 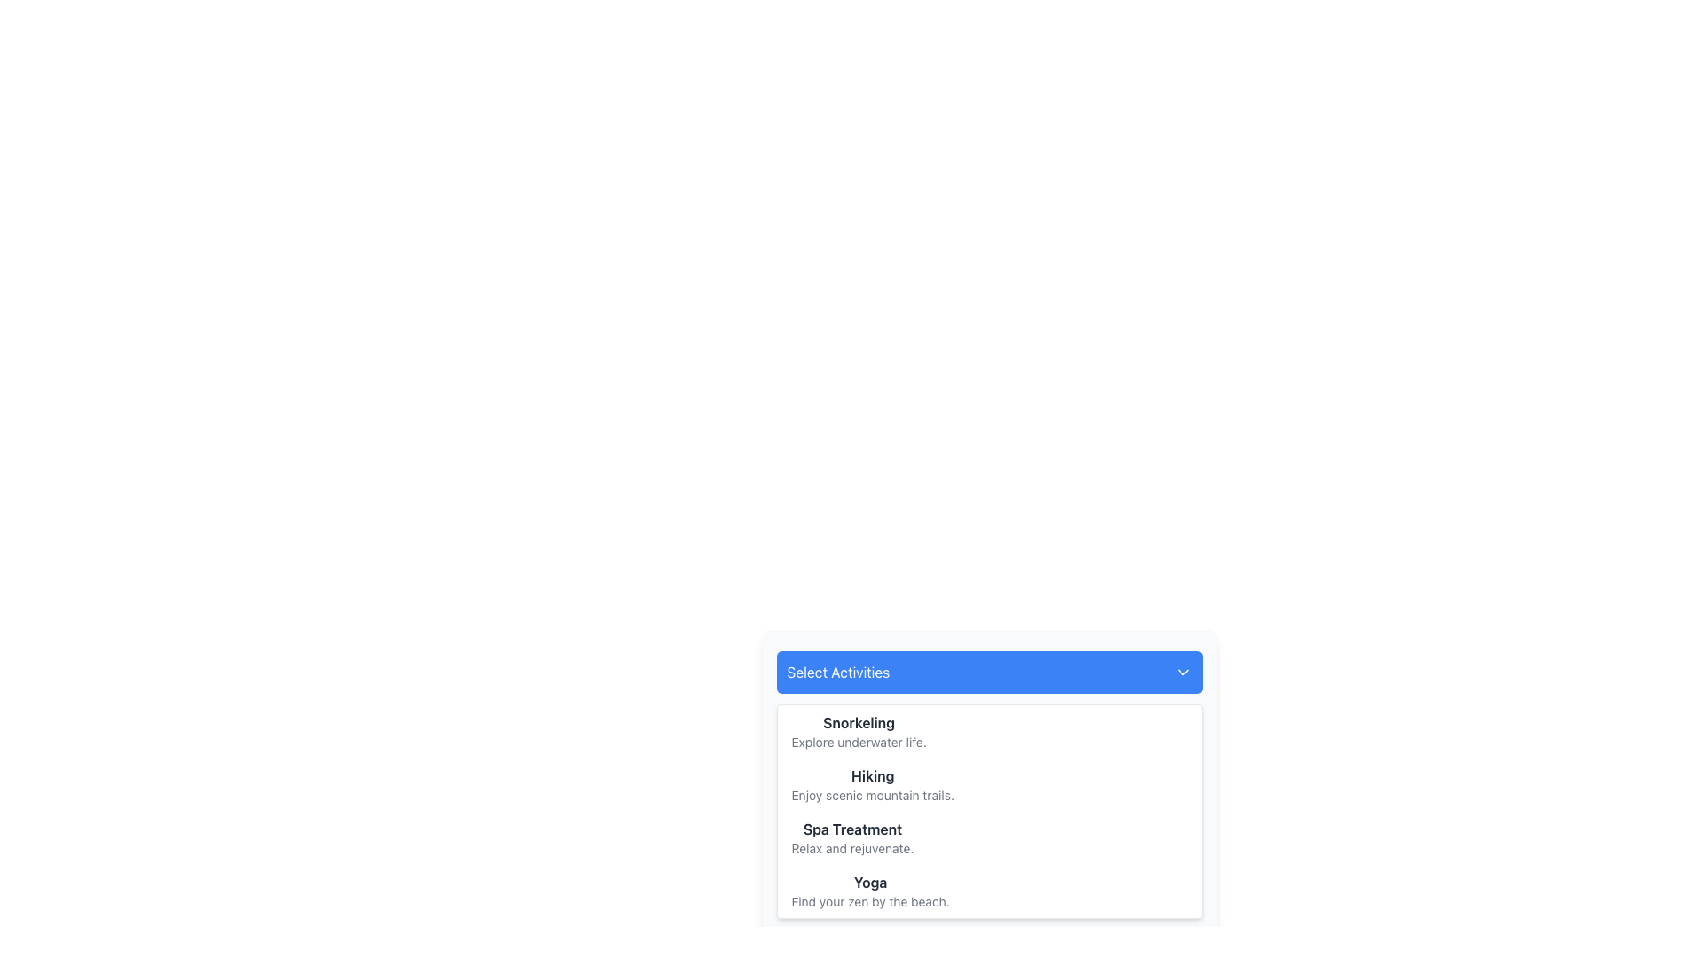 What do you see at coordinates (870, 882) in the screenshot?
I see `text of the bold title 'Yoga' located at the top of the dropdown menu titled 'Select Activities'` at bounding box center [870, 882].